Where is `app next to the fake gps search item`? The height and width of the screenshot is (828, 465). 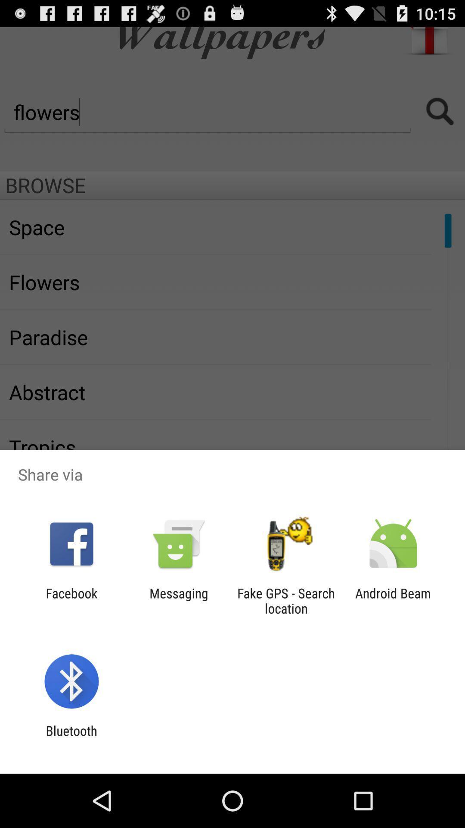
app next to the fake gps search item is located at coordinates (178, 600).